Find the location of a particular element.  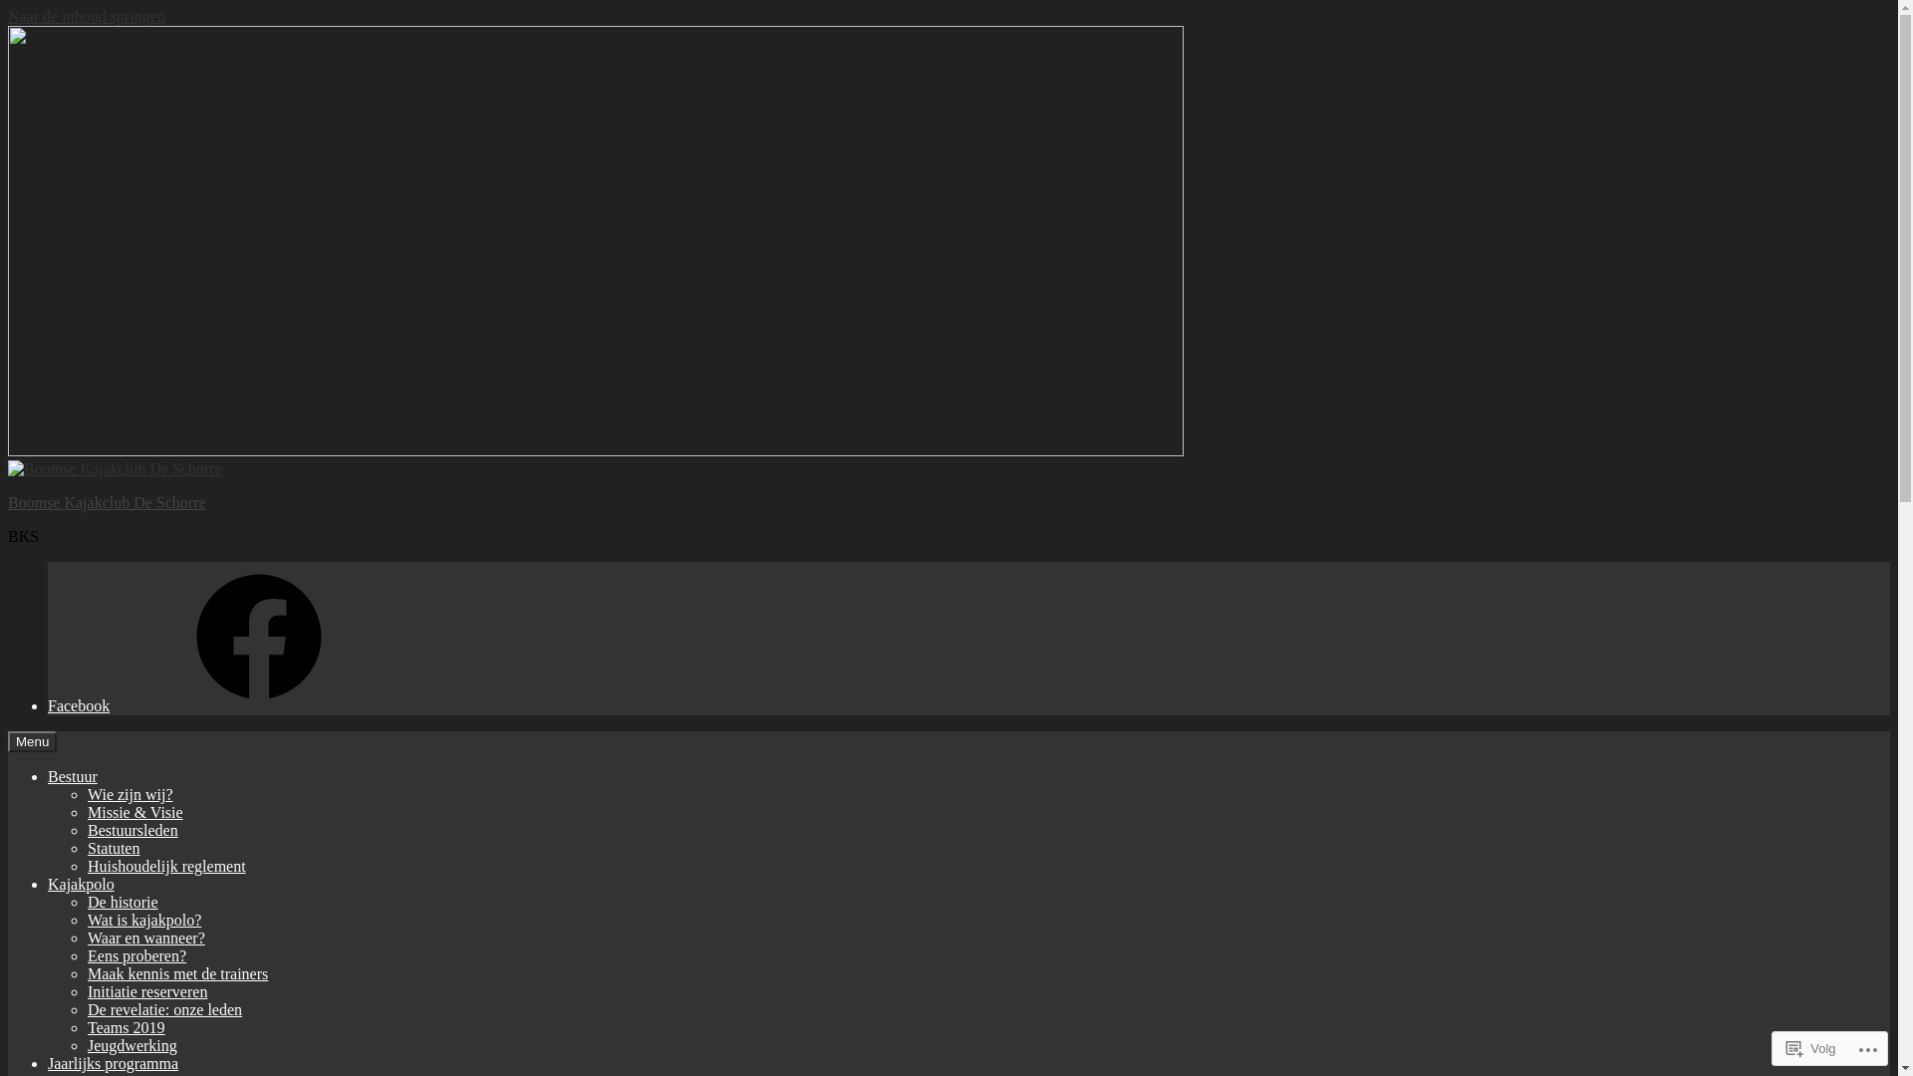

'Wie zijn wij?' is located at coordinates (129, 793).